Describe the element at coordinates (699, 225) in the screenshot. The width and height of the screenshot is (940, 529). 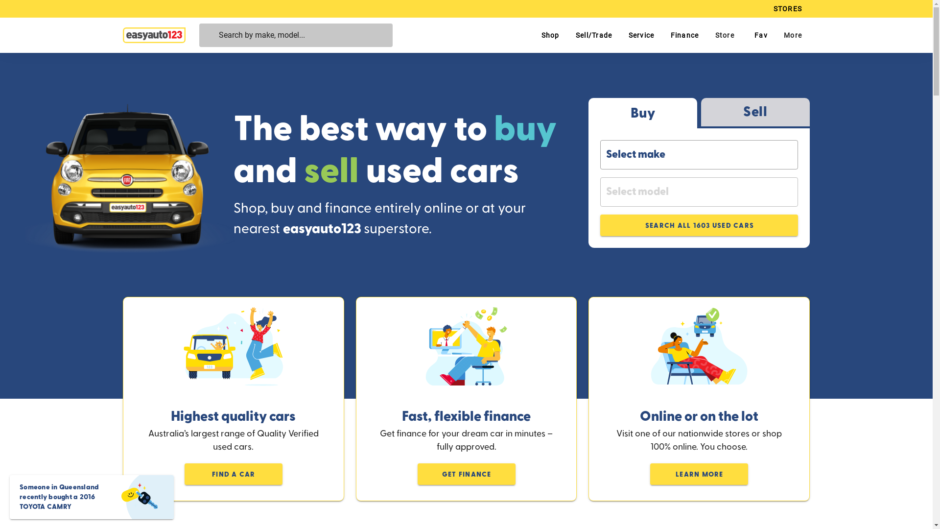
I see `'SEARCH ALL 1603 USED CARS'` at that location.